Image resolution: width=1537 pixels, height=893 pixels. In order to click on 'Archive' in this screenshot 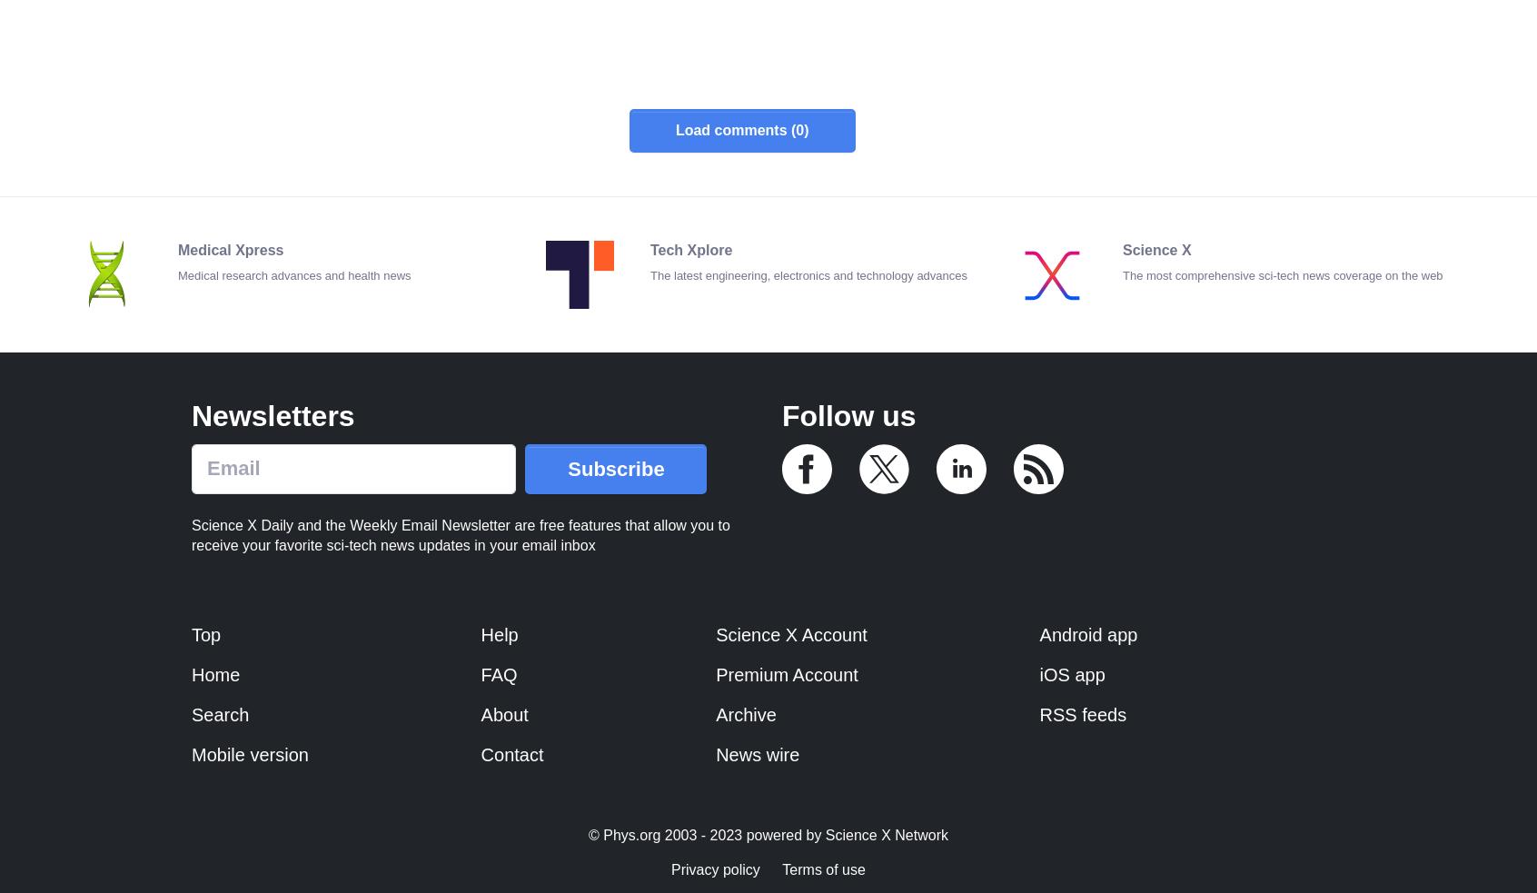, I will do `click(745, 713)`.